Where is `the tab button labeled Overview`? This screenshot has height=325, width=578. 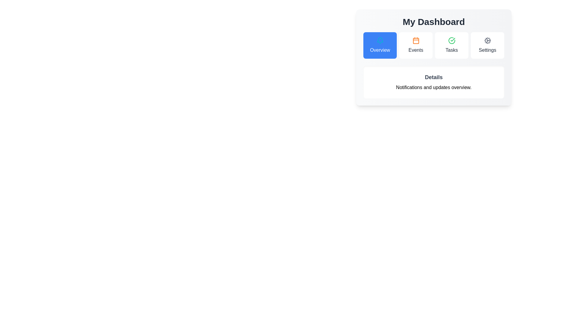
the tab button labeled Overview is located at coordinates (380, 45).